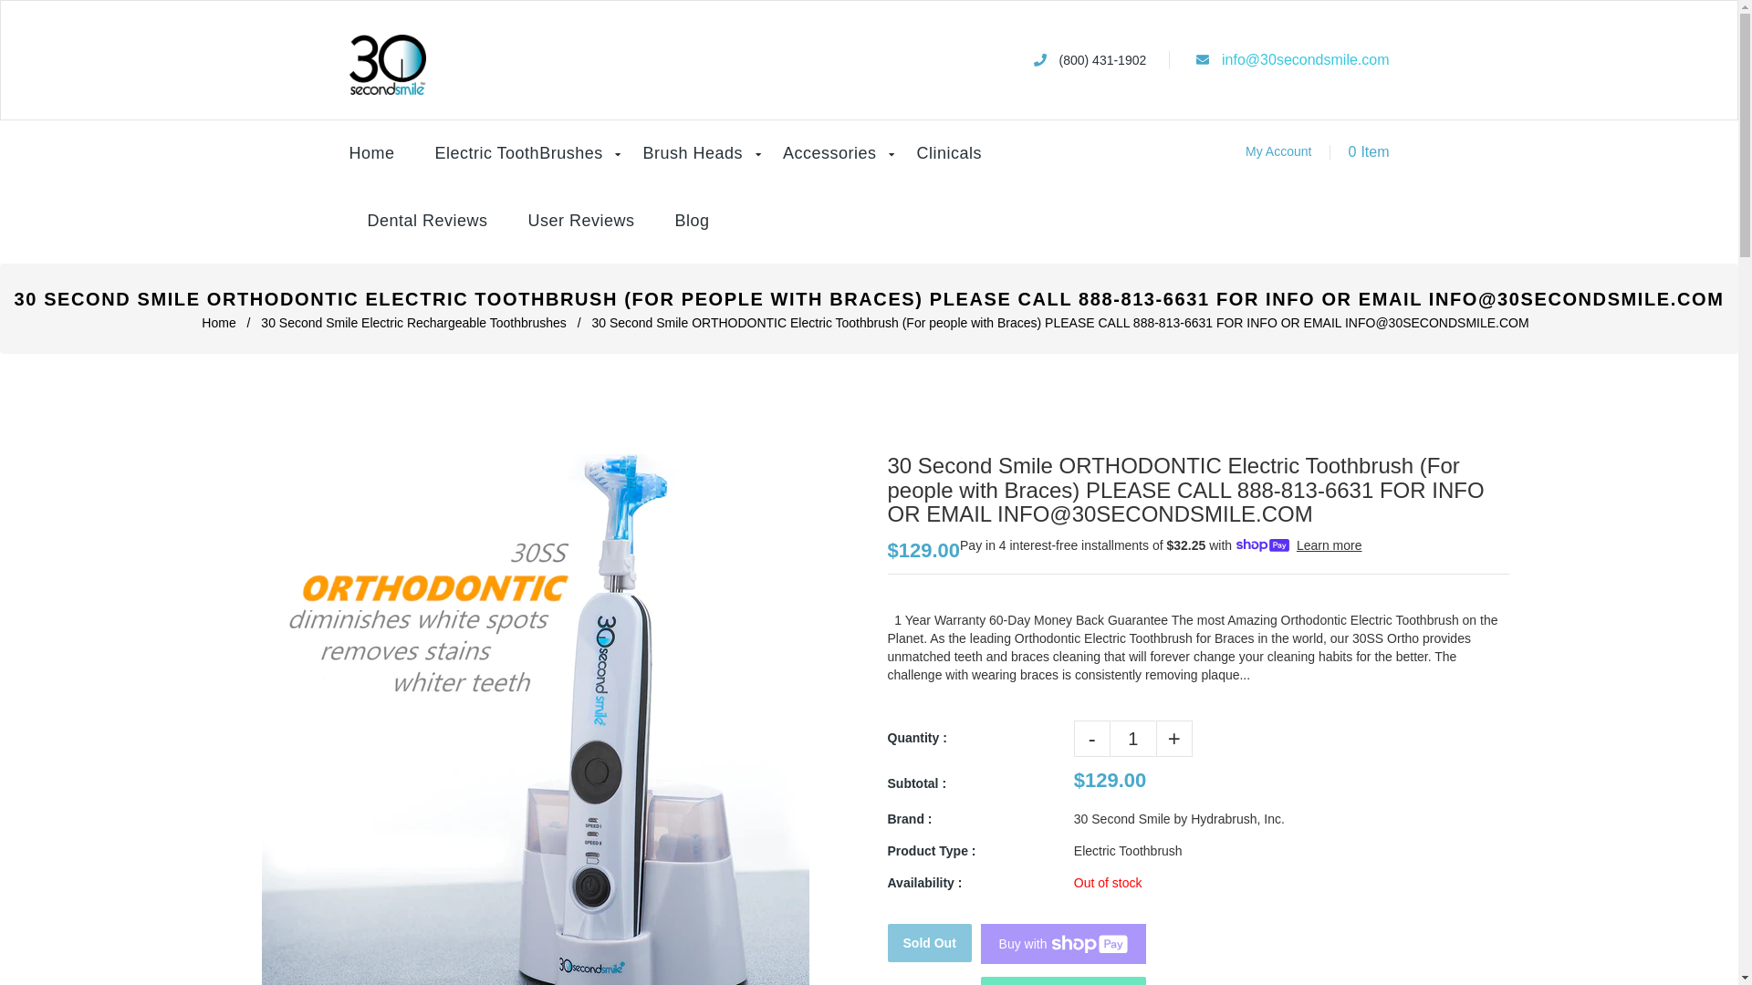 Image resolution: width=1752 pixels, height=985 pixels. I want to click on 'My Account', so click(1277, 150).